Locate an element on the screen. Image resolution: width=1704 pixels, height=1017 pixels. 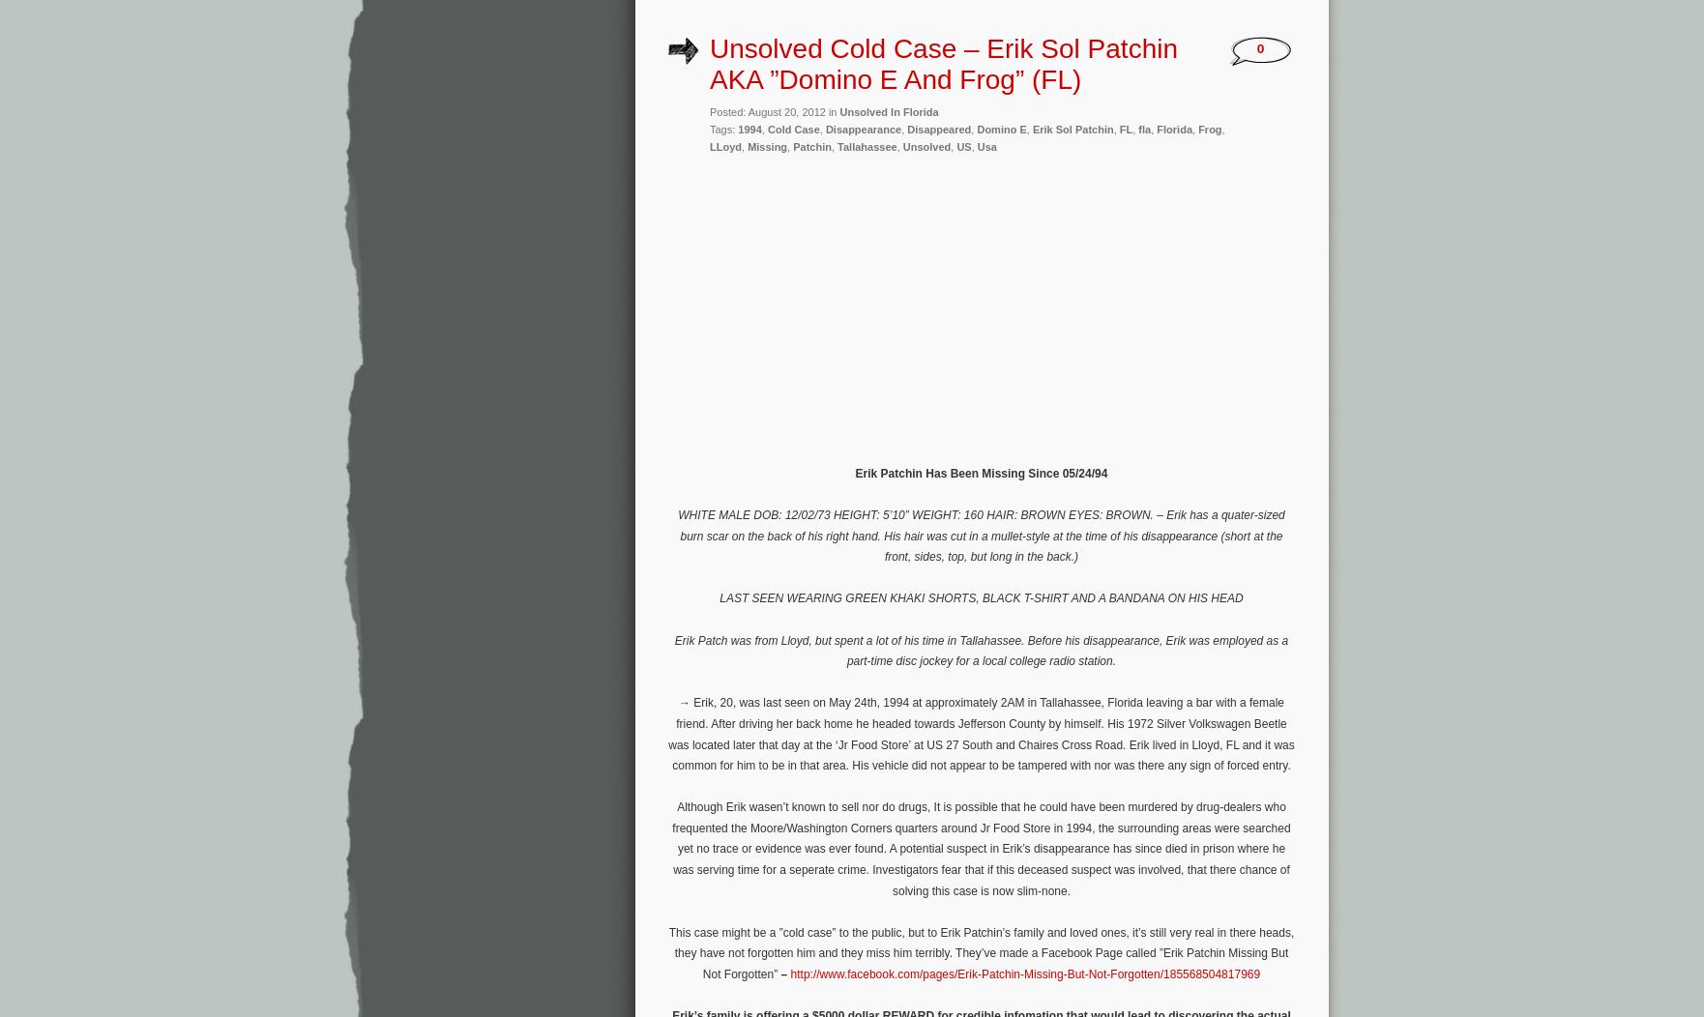
'Tallahassee' is located at coordinates (837, 144).